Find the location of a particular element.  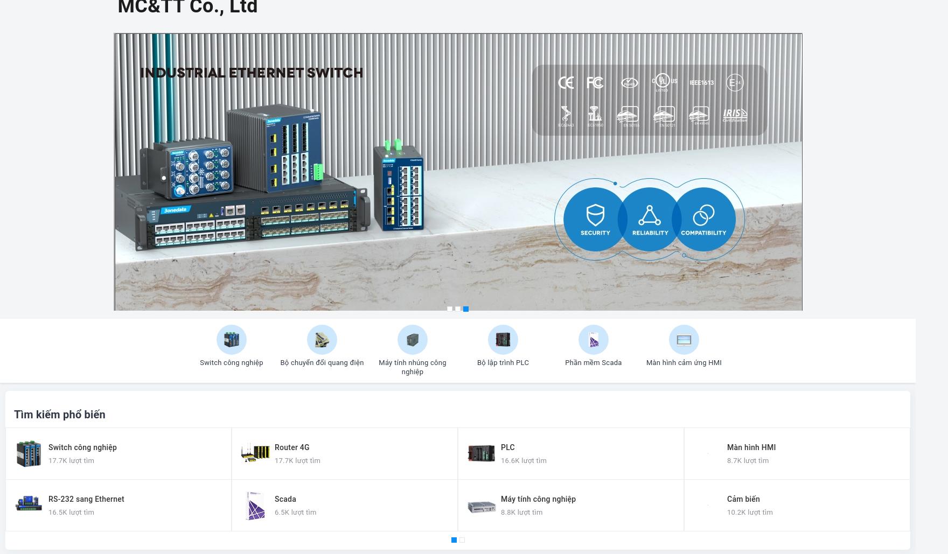

'Tìm kiếm phổ biến' is located at coordinates (59, 415).